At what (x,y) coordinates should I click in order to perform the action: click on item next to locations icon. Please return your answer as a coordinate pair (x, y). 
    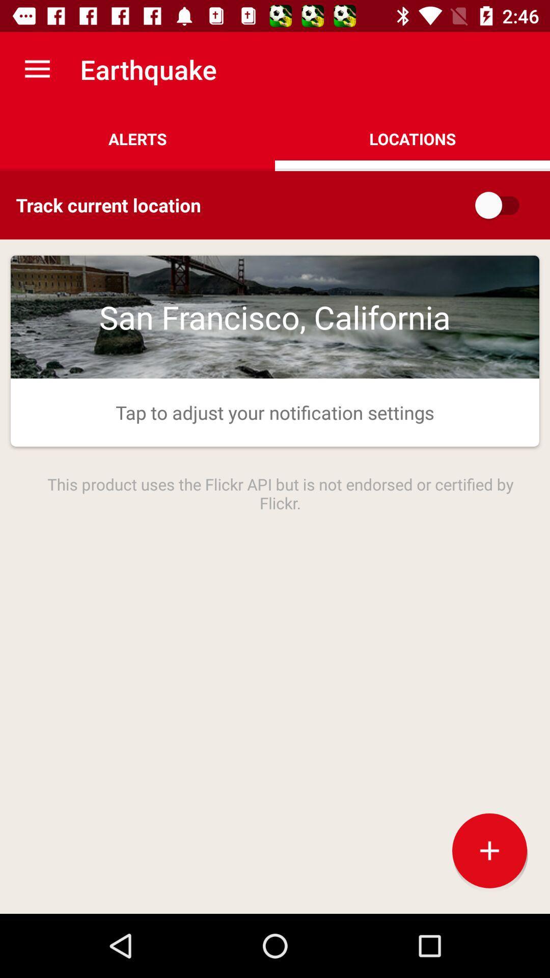
    Looking at the image, I should click on (137, 139).